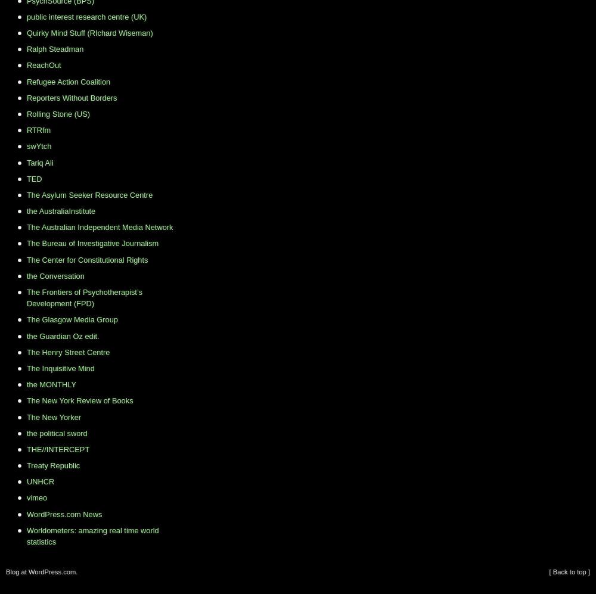  I want to click on 'swYtch', so click(38, 145).